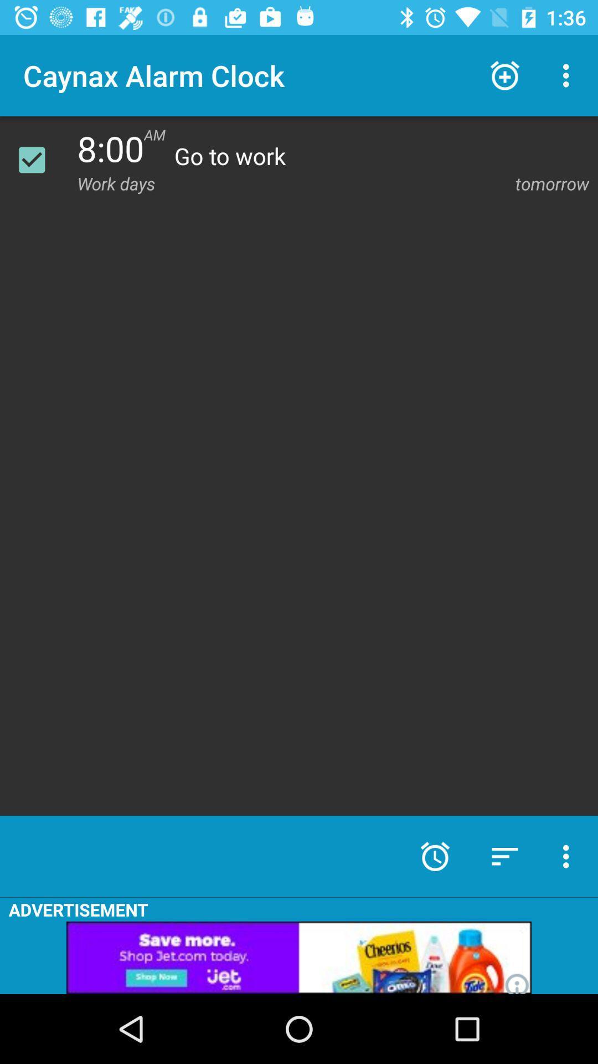 This screenshot has height=1064, width=598. What do you see at coordinates (299, 957) in the screenshot?
I see `open advertisement` at bounding box center [299, 957].